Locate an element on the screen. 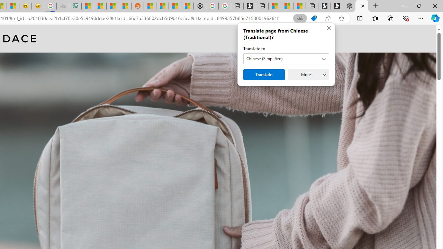 The image size is (443, 249). 'Translate' is located at coordinates (263, 75).